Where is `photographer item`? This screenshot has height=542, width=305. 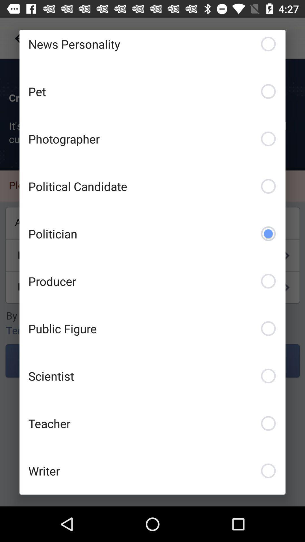 photographer item is located at coordinates (152, 139).